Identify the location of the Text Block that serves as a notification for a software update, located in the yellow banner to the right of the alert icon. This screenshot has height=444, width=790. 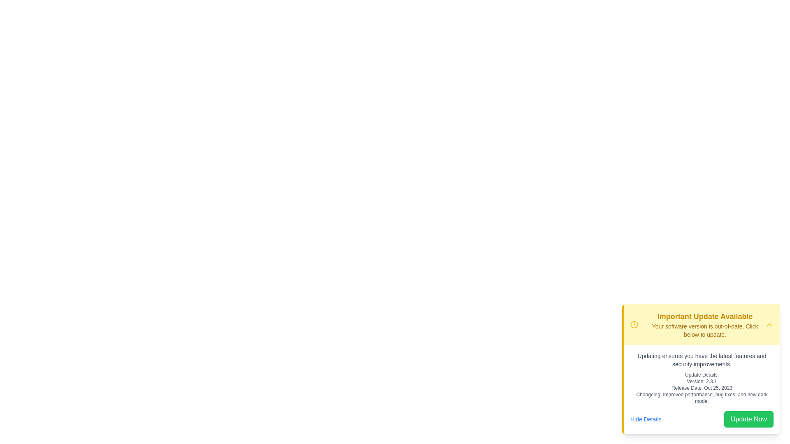
(704, 324).